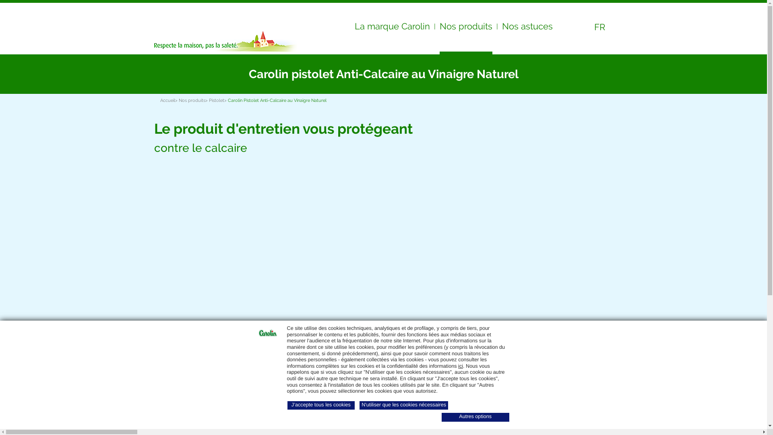  What do you see at coordinates (167, 74) in the screenshot?
I see `'Retour'` at bounding box center [167, 74].